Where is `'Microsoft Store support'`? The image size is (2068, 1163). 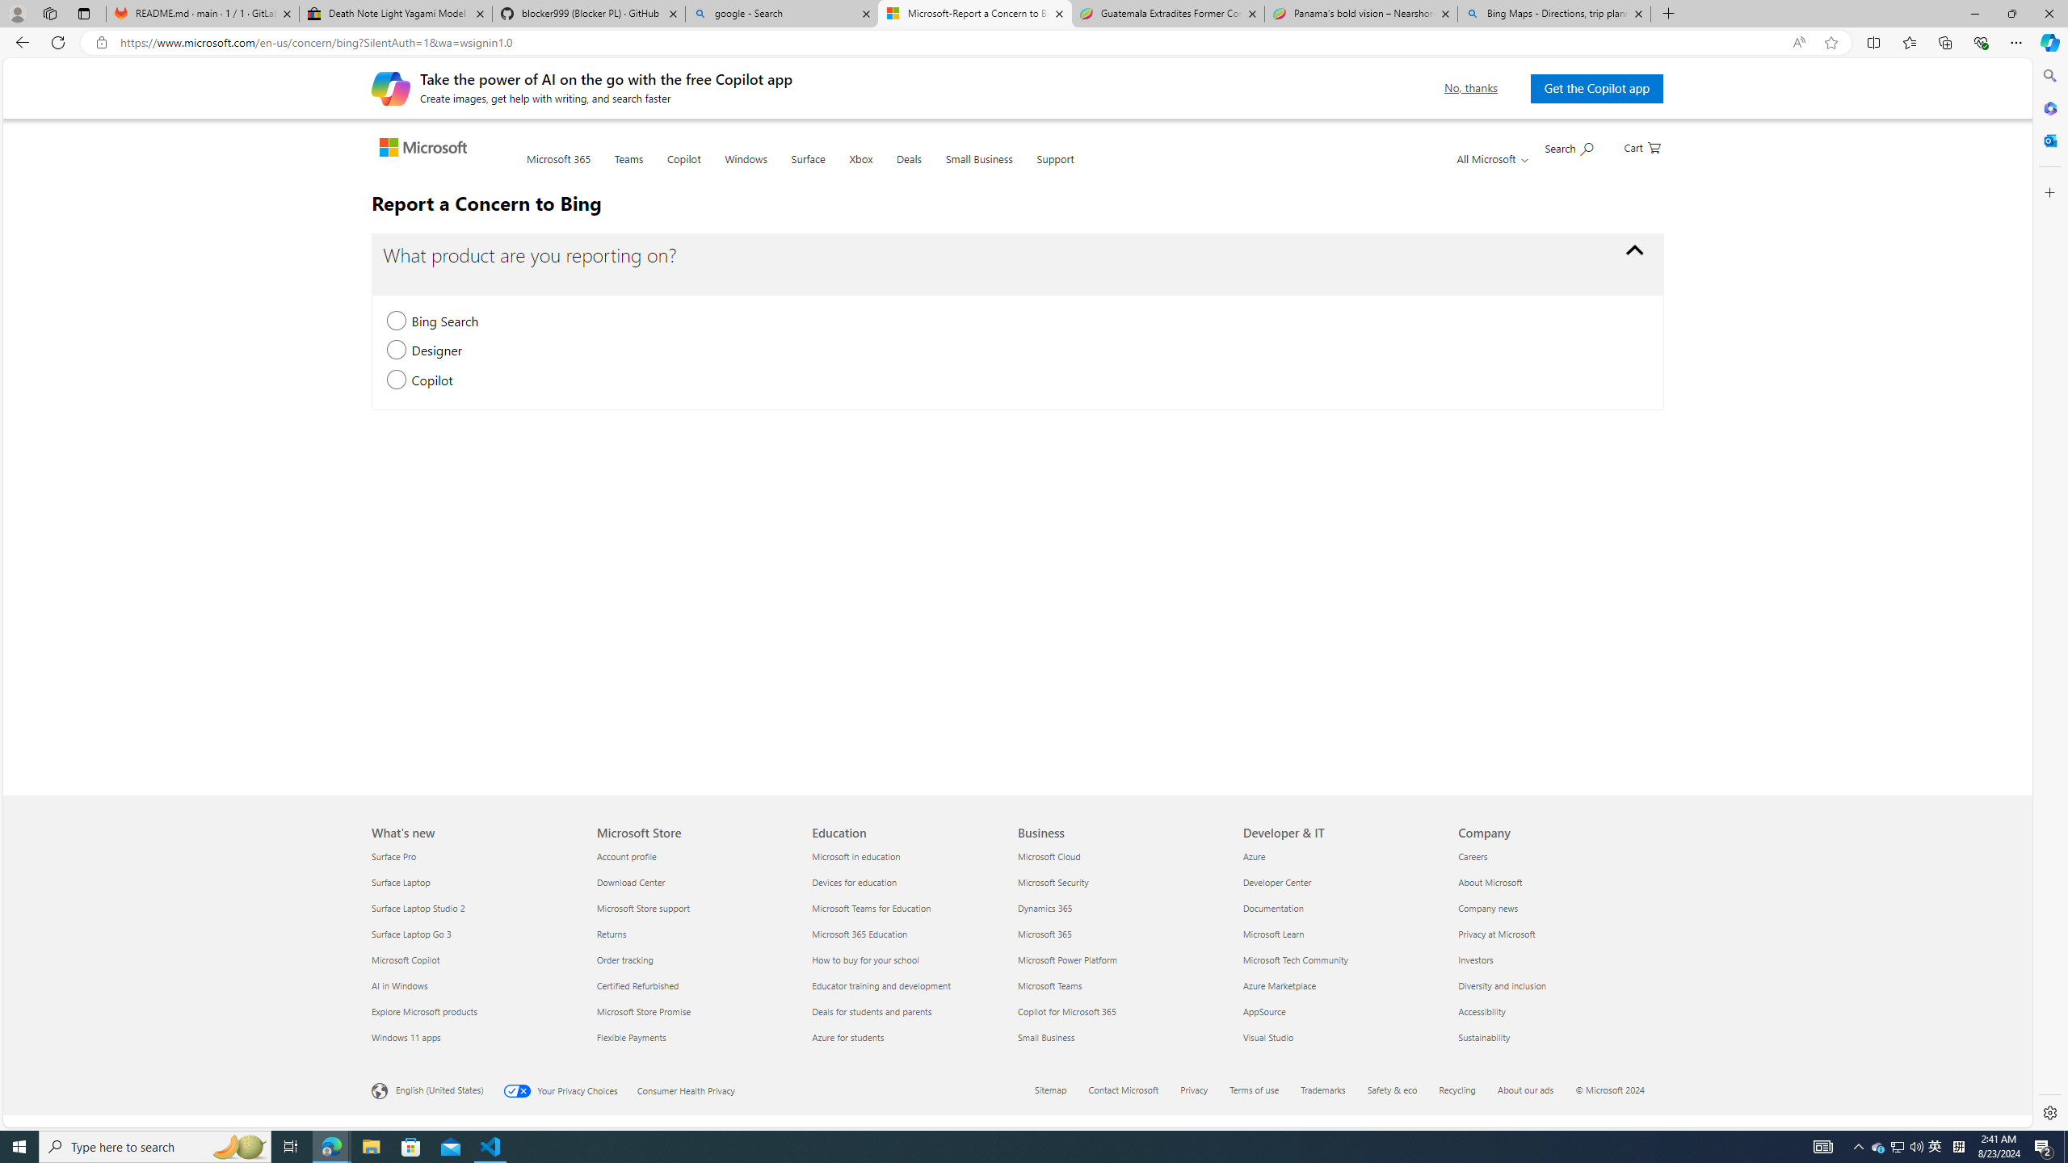
'Microsoft Store support' is located at coordinates (695, 906).